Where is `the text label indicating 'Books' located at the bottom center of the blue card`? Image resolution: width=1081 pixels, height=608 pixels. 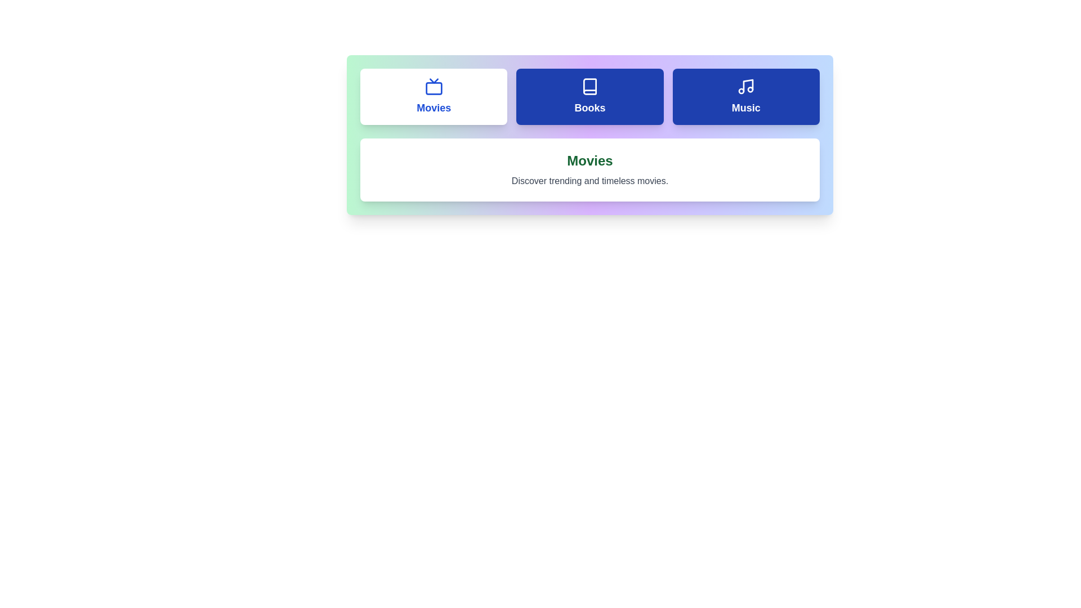 the text label indicating 'Books' located at the bottom center of the blue card is located at coordinates (589, 108).